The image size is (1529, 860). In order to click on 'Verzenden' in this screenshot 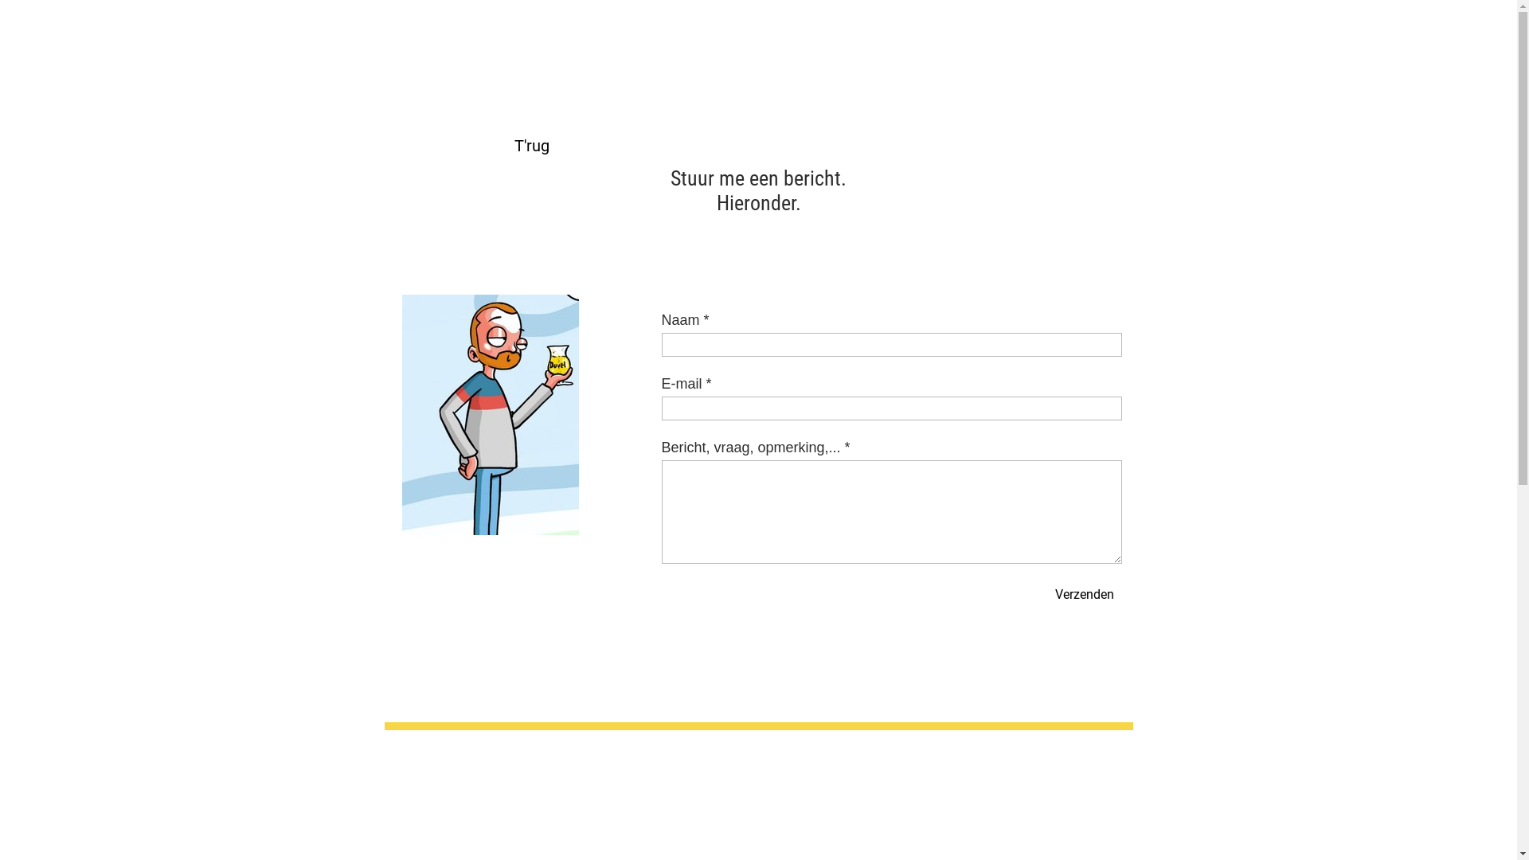, I will do `click(1046, 593)`.